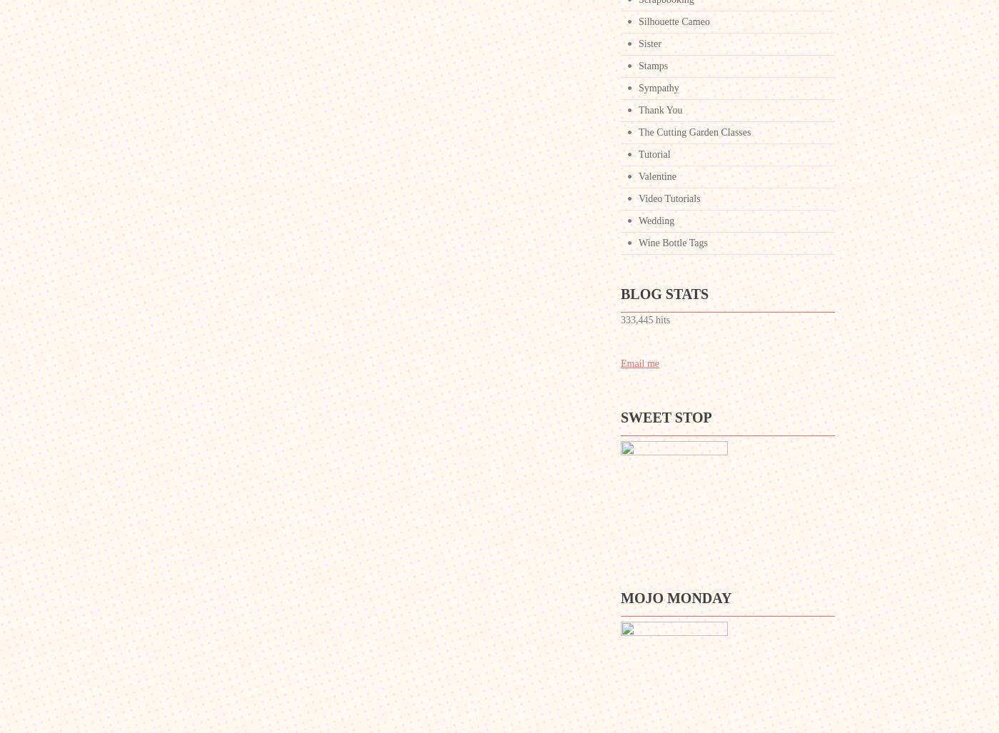  I want to click on 'Silhouette Cameo', so click(638, 21).